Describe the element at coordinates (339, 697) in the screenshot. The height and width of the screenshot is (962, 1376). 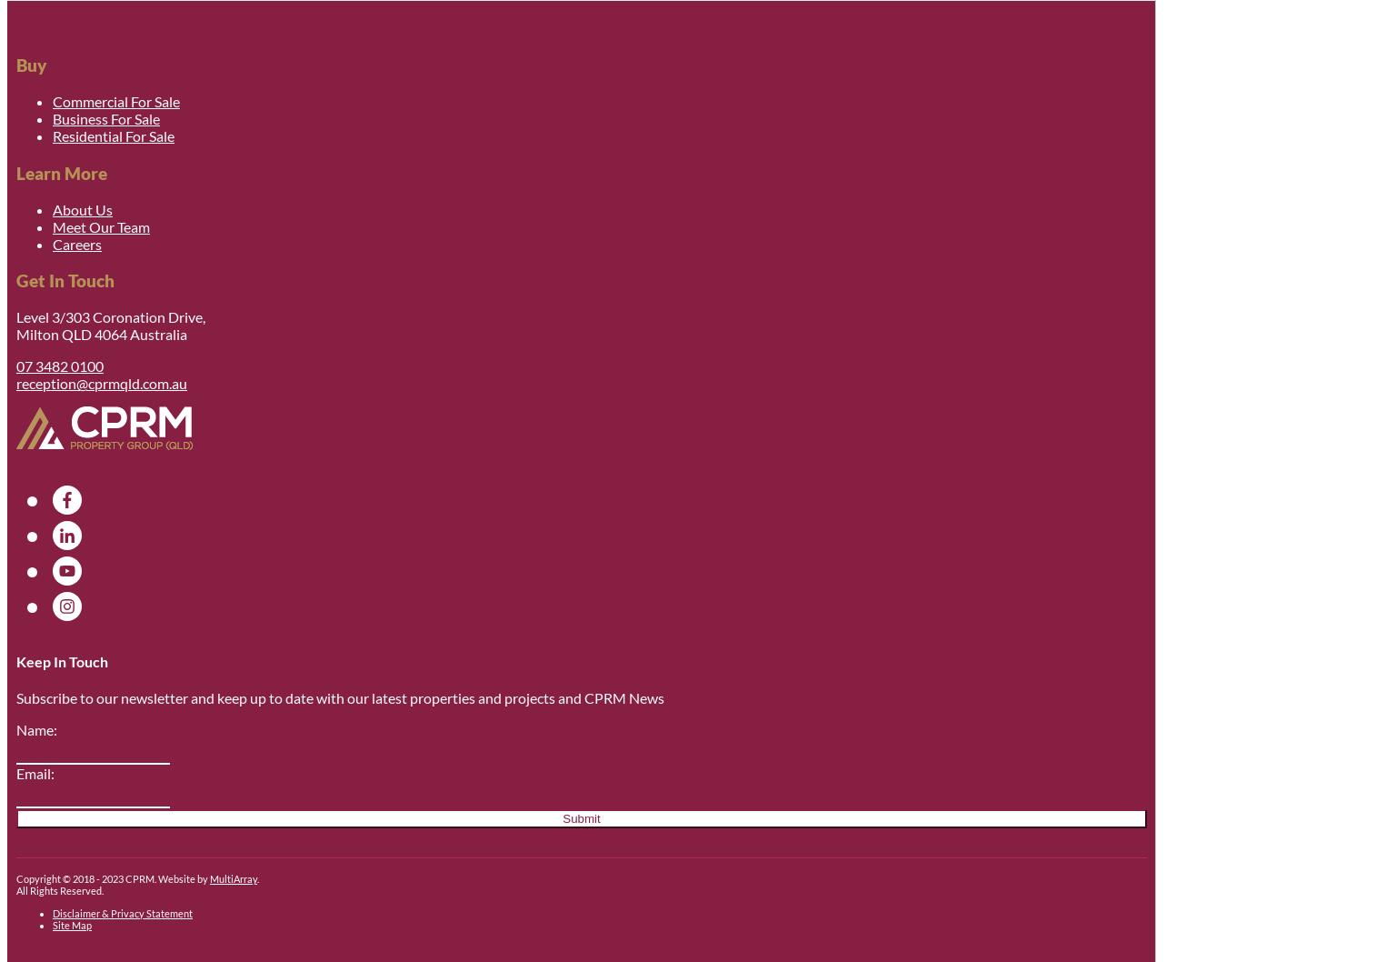
I see `'Subscribe to our newsletter and keep up to date with our latest properties and projects and CPRM News'` at that location.